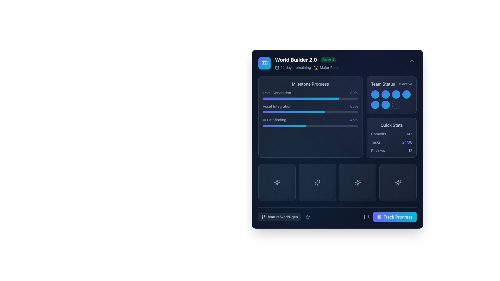  What do you see at coordinates (277, 67) in the screenshot?
I see `the deadline icon located in the top-left quadrant of the card section, adjacent to the '14 days remaining' text` at bounding box center [277, 67].